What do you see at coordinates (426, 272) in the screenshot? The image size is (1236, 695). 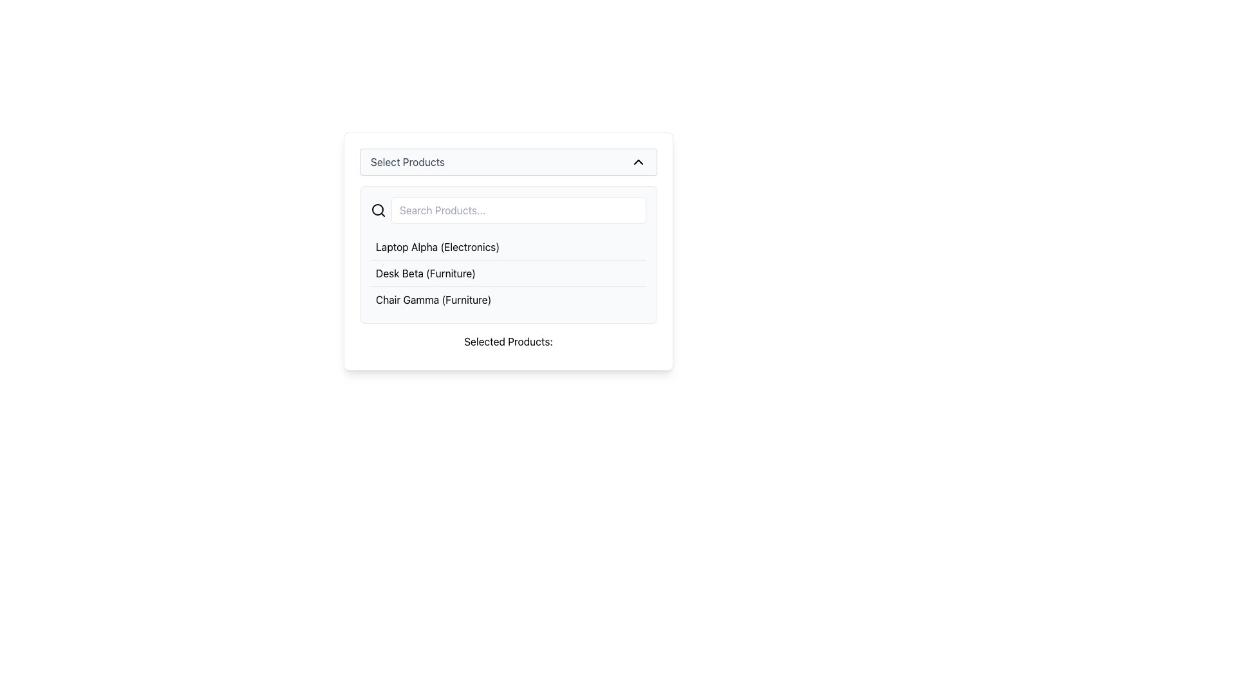 I see `the 'Desk Beta' text label` at bounding box center [426, 272].